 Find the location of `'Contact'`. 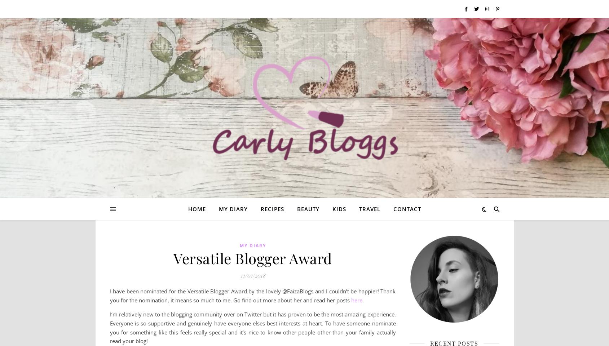

'Contact' is located at coordinates (393, 209).